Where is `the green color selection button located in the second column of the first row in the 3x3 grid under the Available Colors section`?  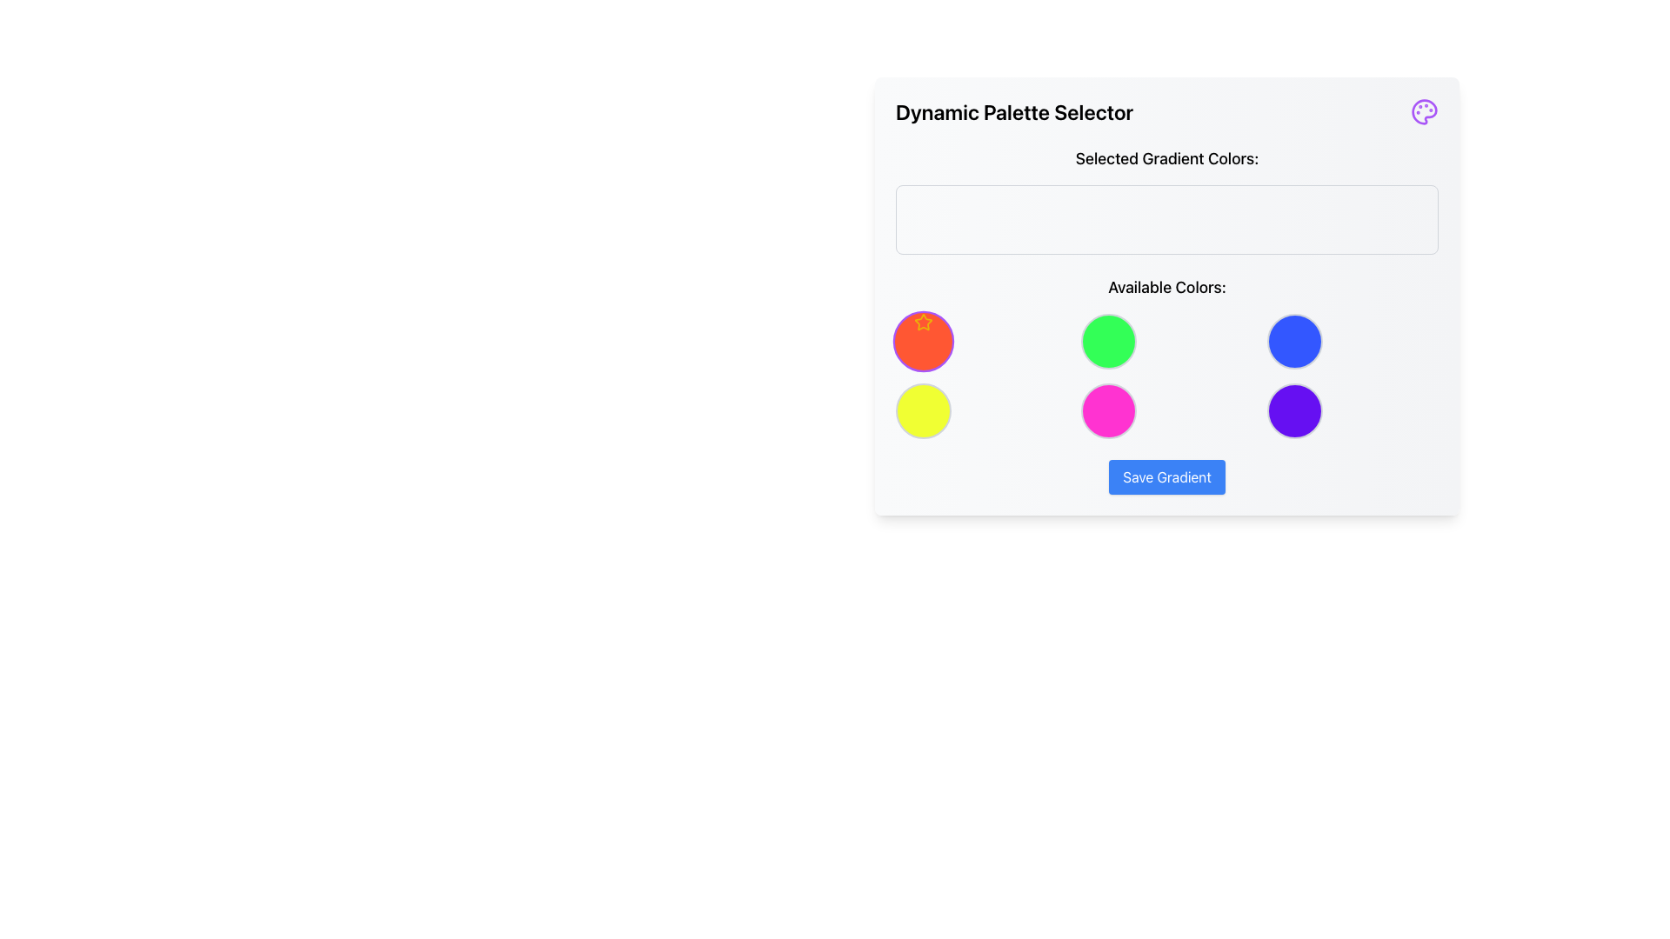 the green color selection button located in the second column of the first row in the 3x3 grid under the Available Colors section is located at coordinates (1108, 342).